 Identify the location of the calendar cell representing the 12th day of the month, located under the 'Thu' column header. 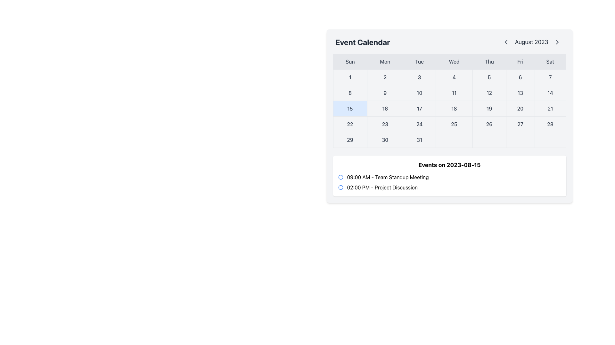
(489, 93).